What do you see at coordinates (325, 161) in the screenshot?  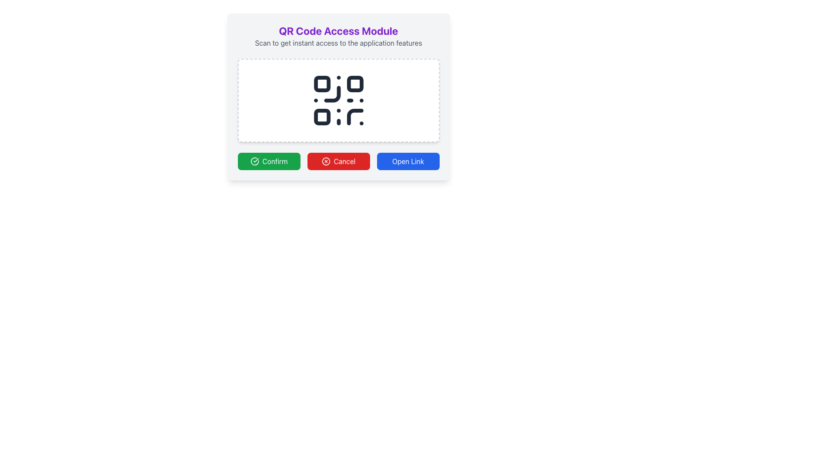 I see `the cancellation icon located to the left of the 'Cancel' text in the bottom central portion of the interface, which visually reinforces the purpose of the 'Cancel' button` at bounding box center [325, 161].